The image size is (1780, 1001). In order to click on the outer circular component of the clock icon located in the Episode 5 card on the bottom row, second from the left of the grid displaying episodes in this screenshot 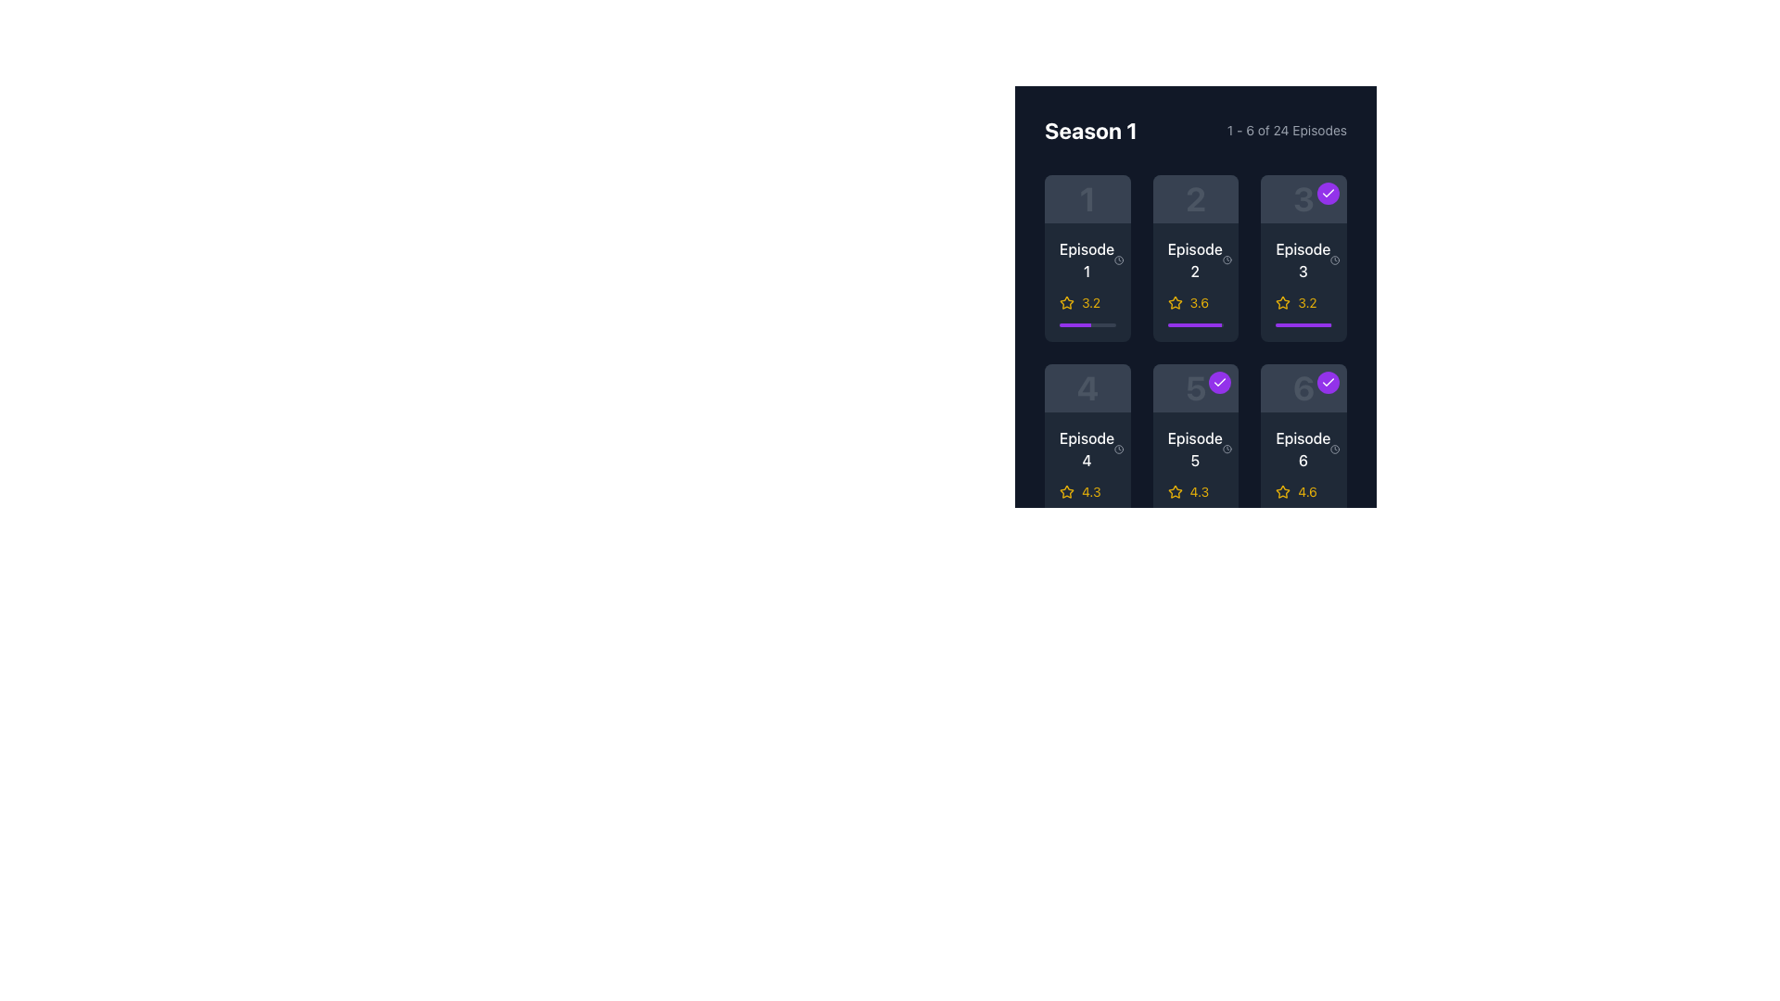, I will do `click(1227, 450)`.